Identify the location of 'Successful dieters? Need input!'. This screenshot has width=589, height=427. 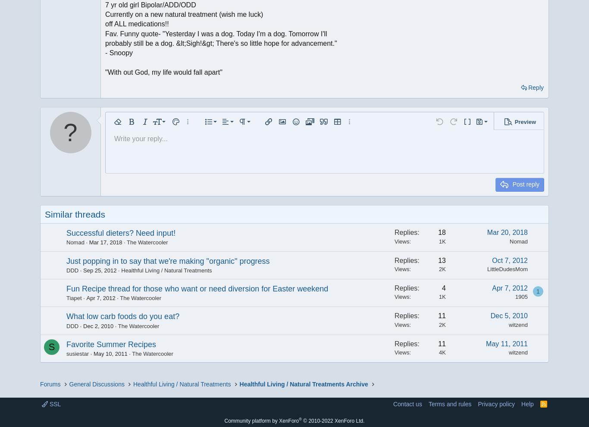
(121, 233).